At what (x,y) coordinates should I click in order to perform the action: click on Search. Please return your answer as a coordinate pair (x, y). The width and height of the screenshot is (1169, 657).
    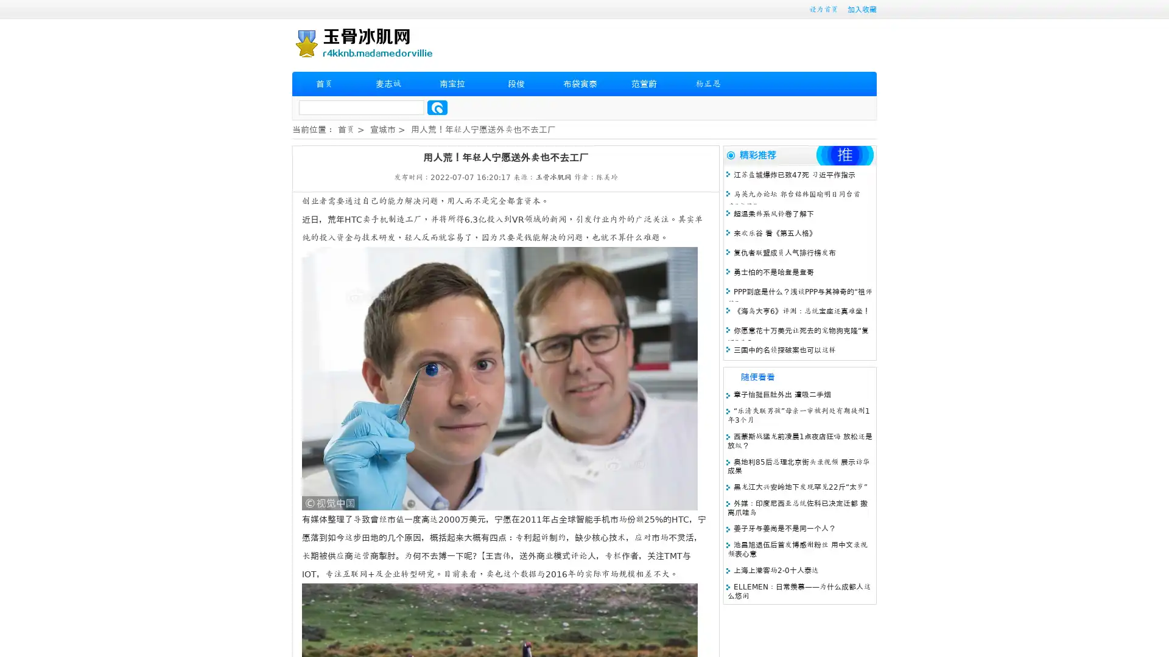
    Looking at the image, I should click on (437, 107).